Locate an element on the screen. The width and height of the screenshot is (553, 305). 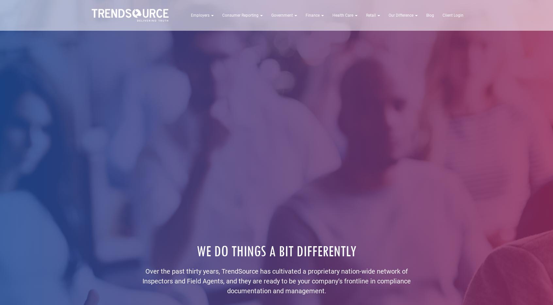
'CMS Phone Call Audits' is located at coordinates (308, 40).